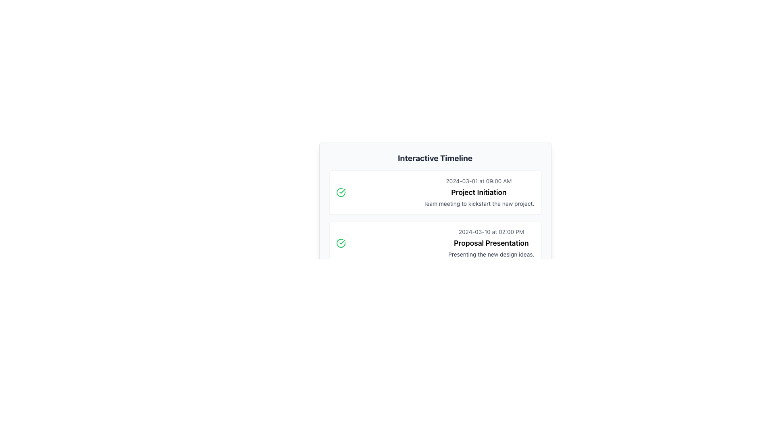 The height and width of the screenshot is (435, 774). Describe the element at coordinates (479, 203) in the screenshot. I see `the text element that reads 'Team meeting to kickstart the new project.' which is located below the title 'Project Initiation' in the timeline interface` at that location.